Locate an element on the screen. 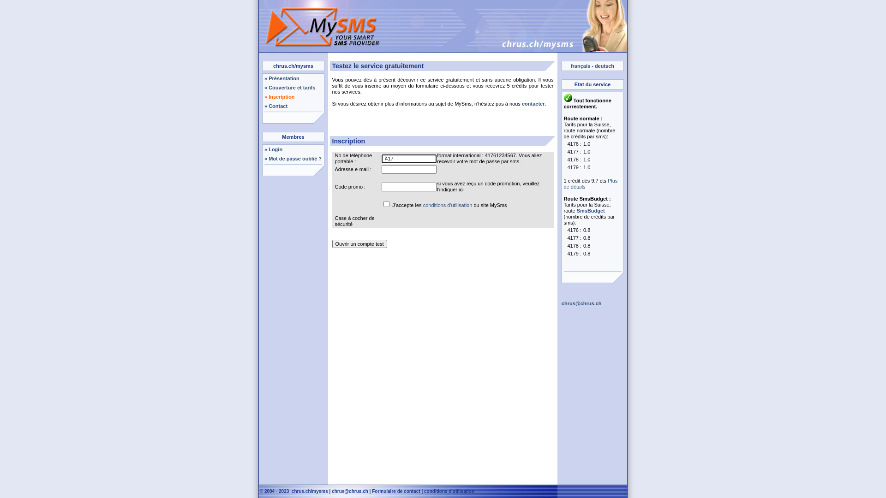 Image resolution: width=886 pixels, height=498 pixels. 'chrus@chrus.ch' is located at coordinates (332, 491).